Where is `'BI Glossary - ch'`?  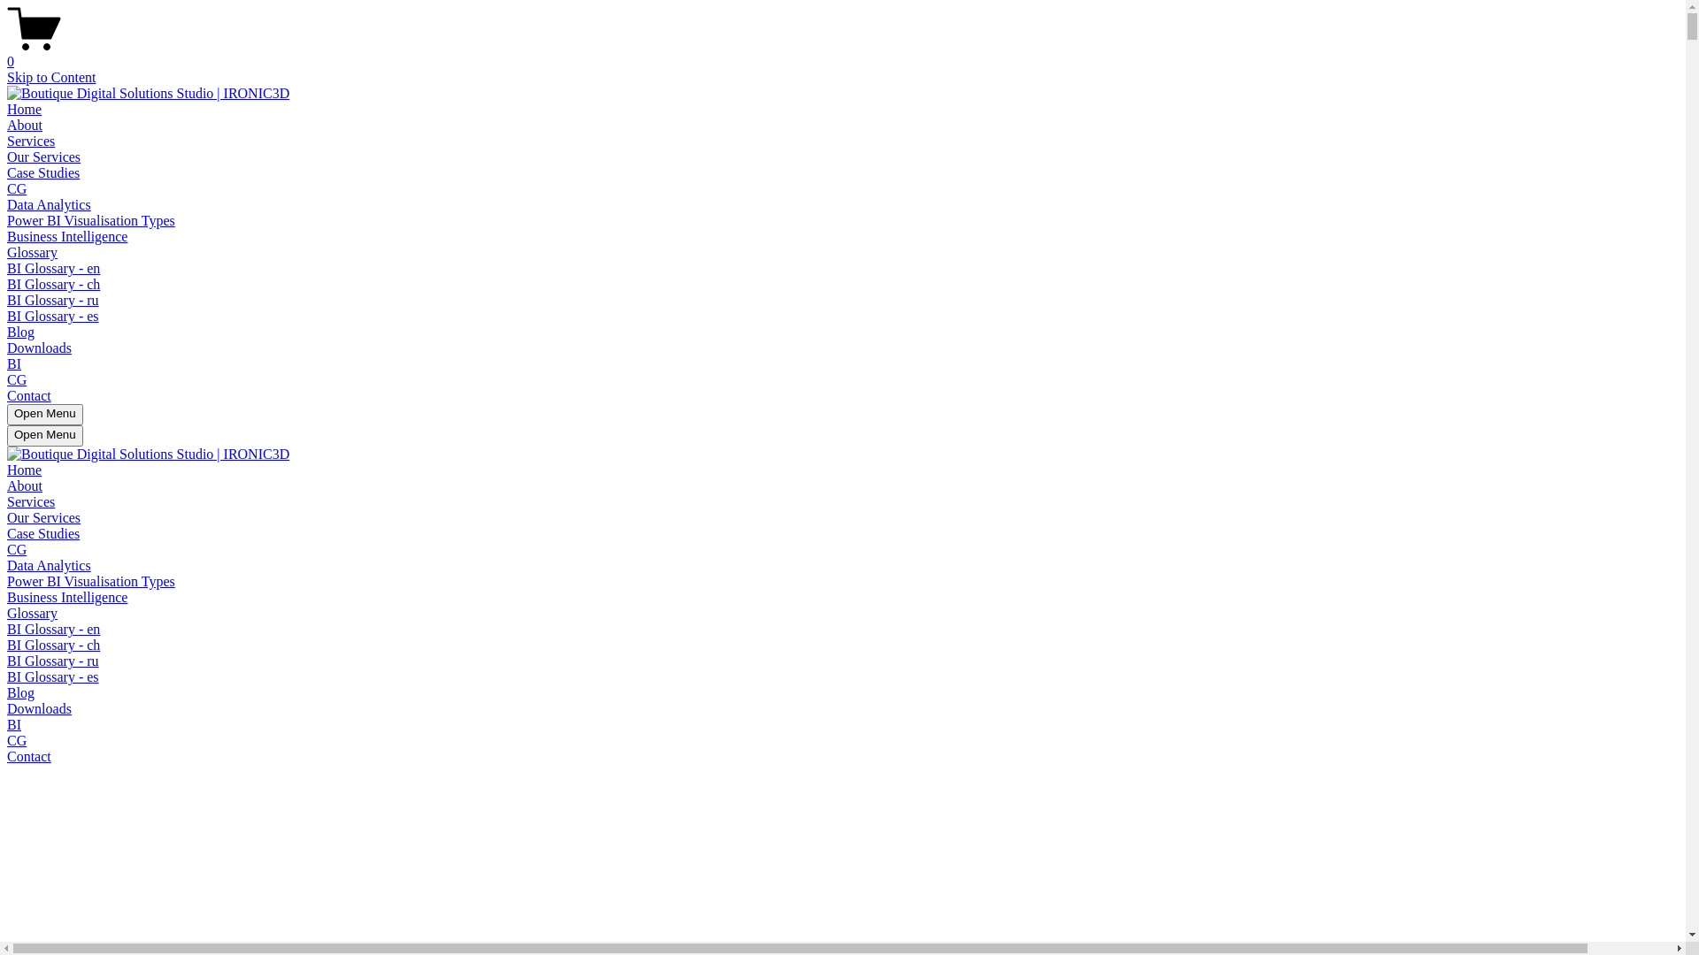 'BI Glossary - ch' is located at coordinates (53, 645).